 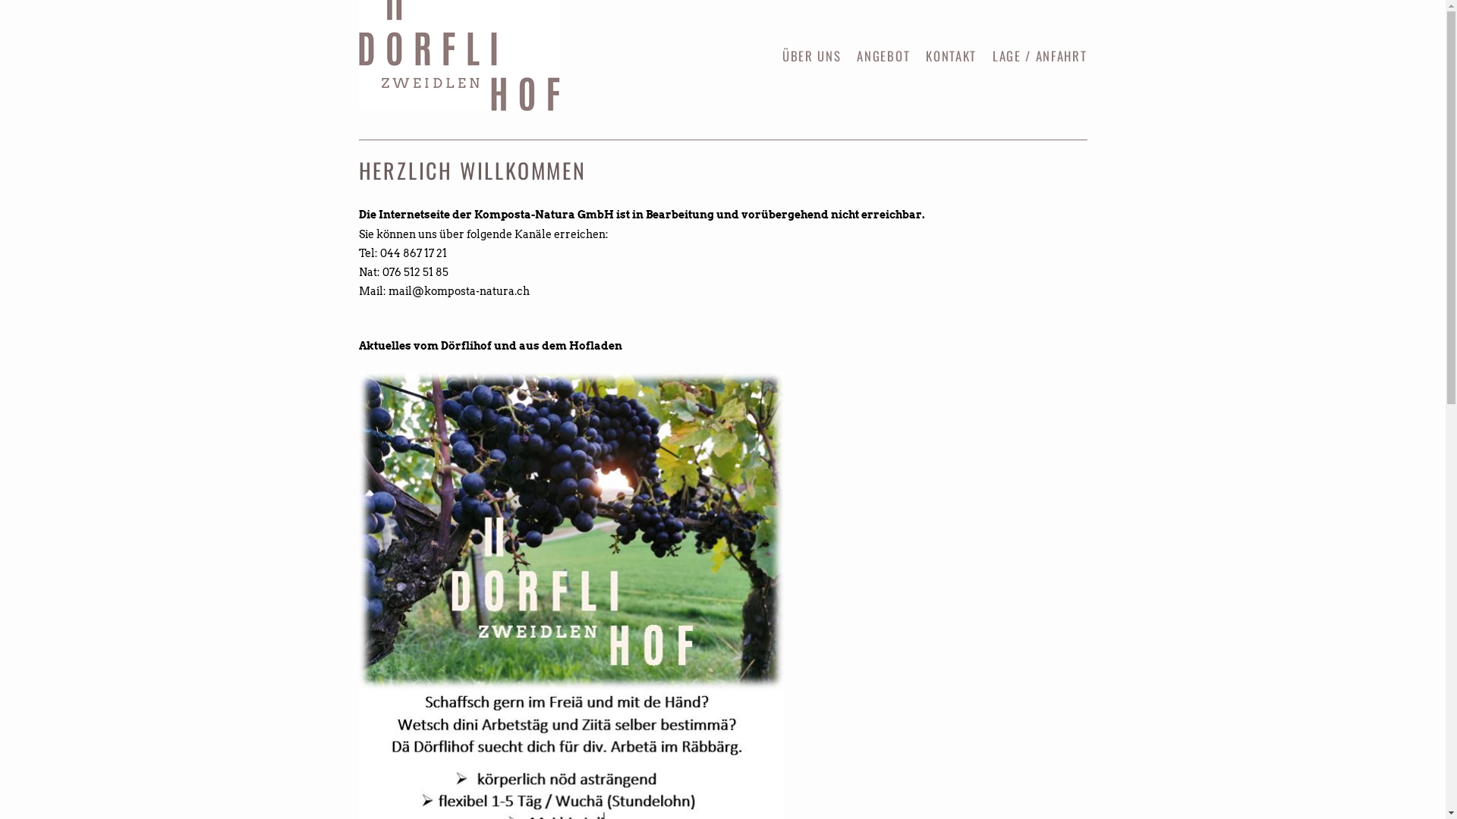 What do you see at coordinates (883, 55) in the screenshot?
I see `'ANGEBOT'` at bounding box center [883, 55].